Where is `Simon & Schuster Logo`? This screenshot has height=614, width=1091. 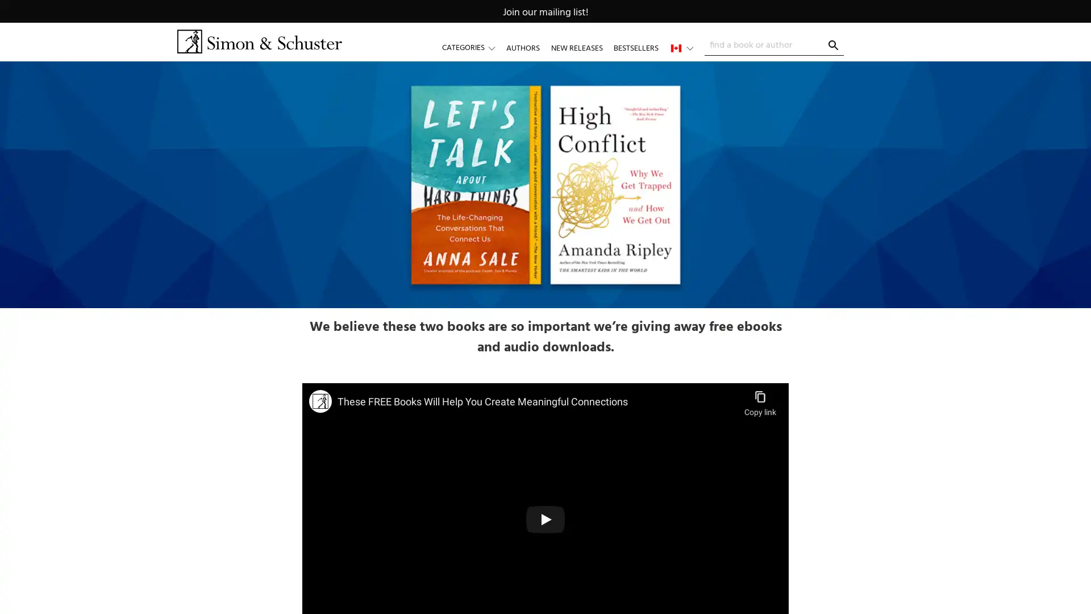 Simon & Schuster Logo is located at coordinates (259, 41).